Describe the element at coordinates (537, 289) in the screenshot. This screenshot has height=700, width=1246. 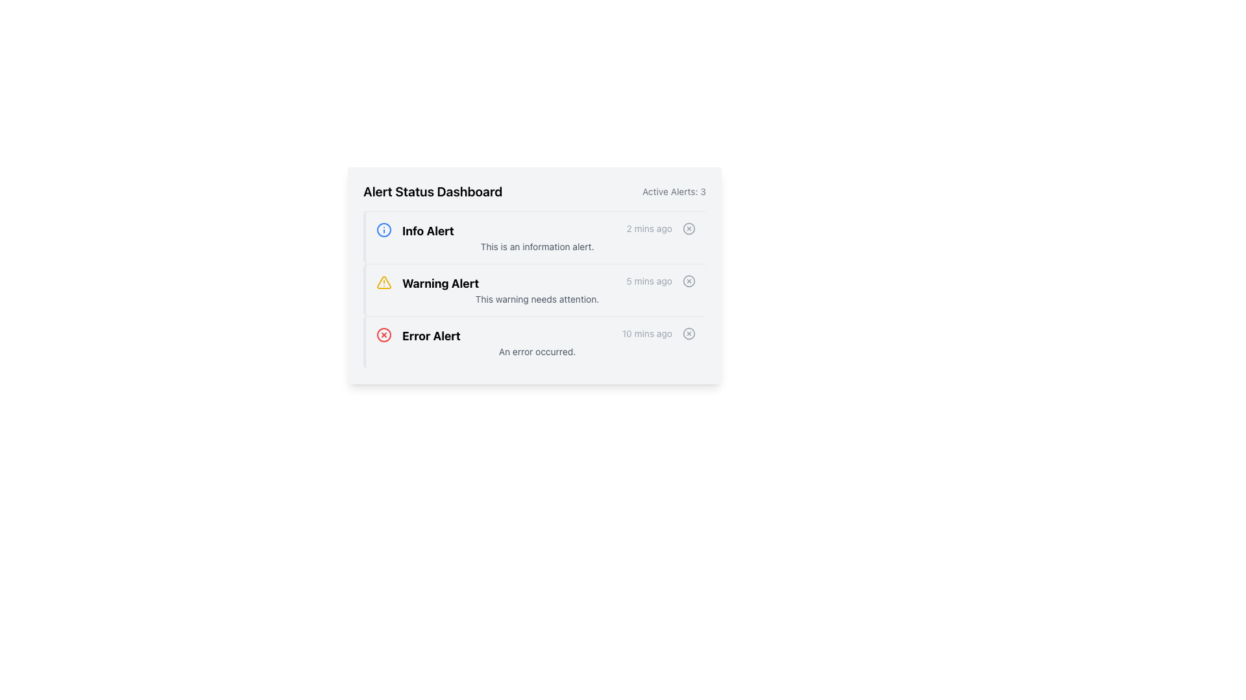
I see `information displayed in the warning alert component titled 'Warning Alert', which is the second alert in the alert dashboard` at that location.